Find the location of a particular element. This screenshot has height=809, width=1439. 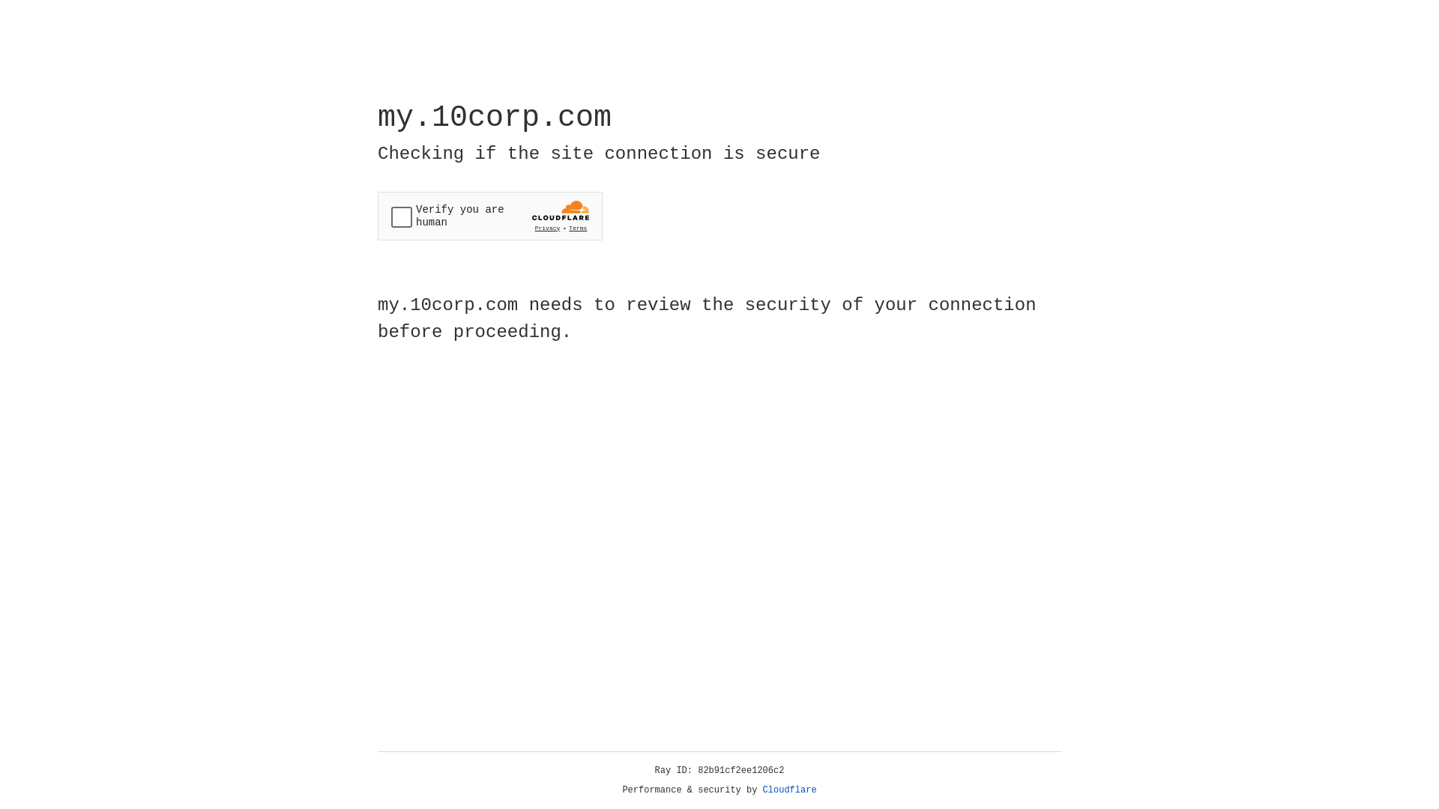

'Widget containing a Cloudflare security challenge' is located at coordinates (489, 216).